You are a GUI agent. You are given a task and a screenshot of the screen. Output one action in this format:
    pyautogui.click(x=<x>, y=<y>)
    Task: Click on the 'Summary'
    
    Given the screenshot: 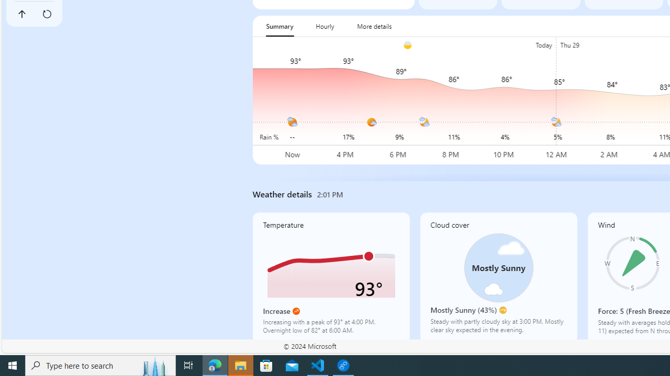 What is the action you would take?
    pyautogui.click(x=280, y=26)
    